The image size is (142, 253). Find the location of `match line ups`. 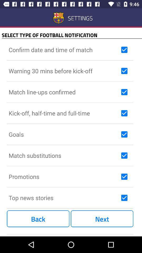

match line ups is located at coordinates (64, 92).